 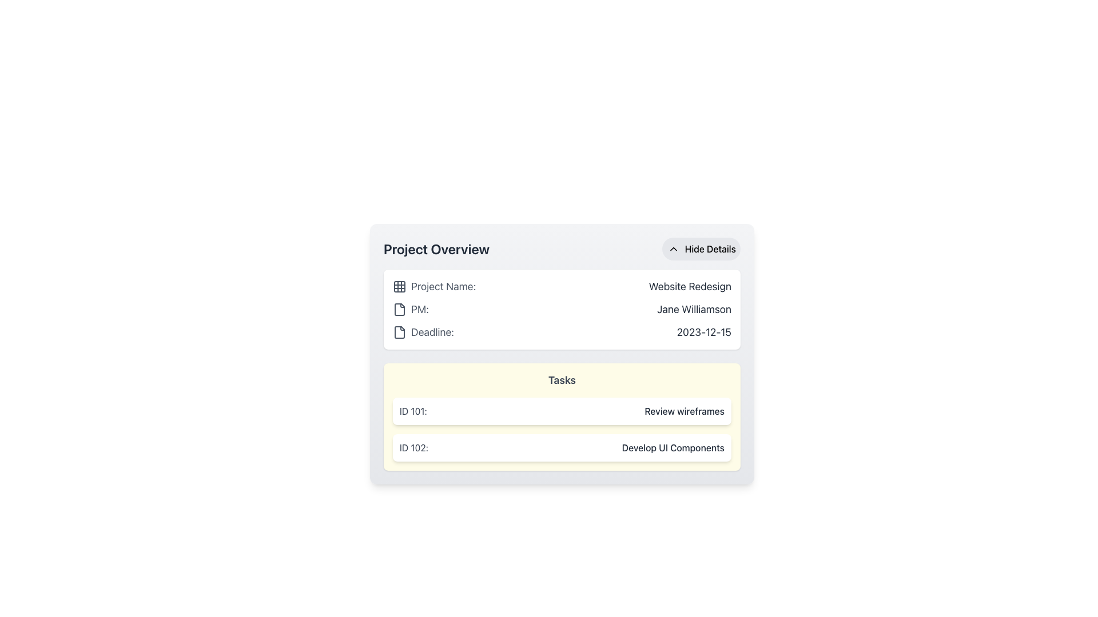 What do you see at coordinates (423, 332) in the screenshot?
I see `the text label element that describes the deadline date, which is located before the date '2023-12-15' in the 'Project Overview' section` at bounding box center [423, 332].